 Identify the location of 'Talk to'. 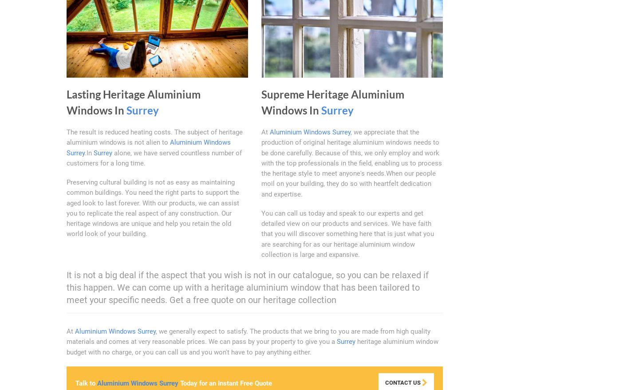
(86, 383).